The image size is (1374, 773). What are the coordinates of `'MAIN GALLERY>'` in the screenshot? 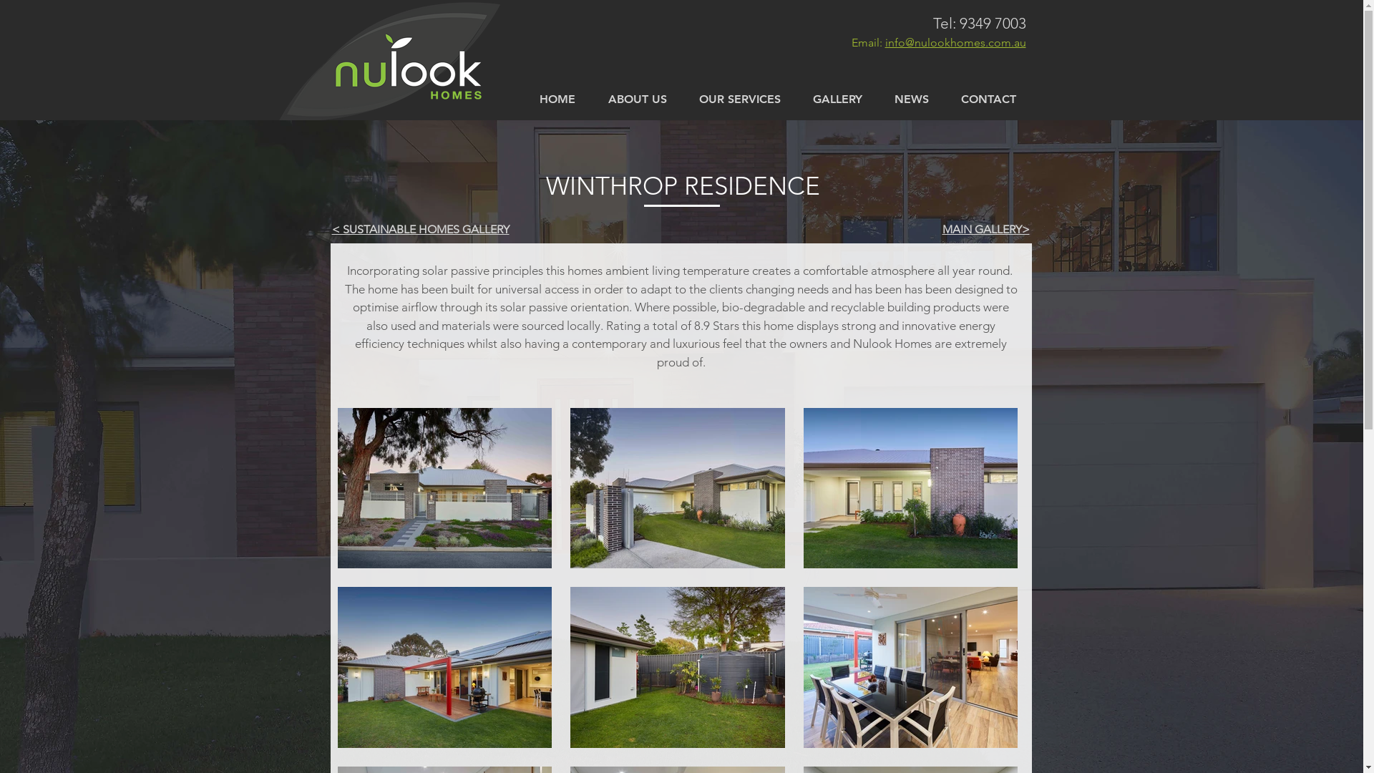 It's located at (985, 228).